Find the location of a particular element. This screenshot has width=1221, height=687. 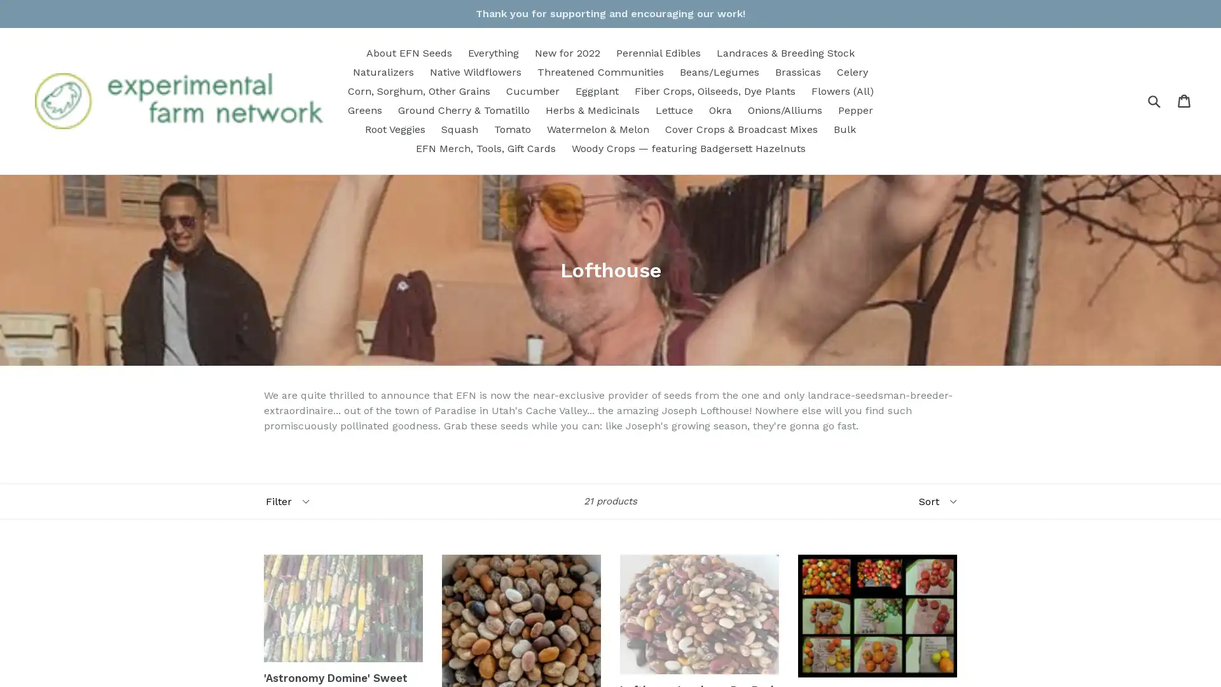

Submit is located at coordinates (1154, 100).